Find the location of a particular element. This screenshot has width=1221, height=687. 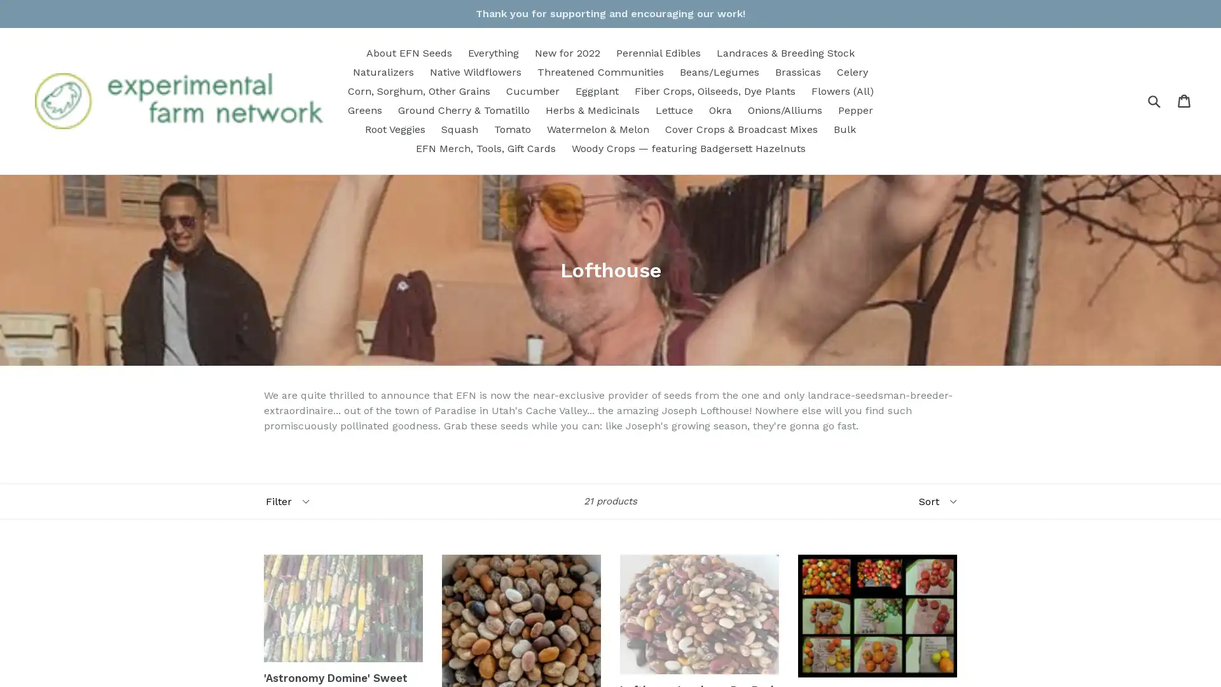

Submit is located at coordinates (1154, 100).